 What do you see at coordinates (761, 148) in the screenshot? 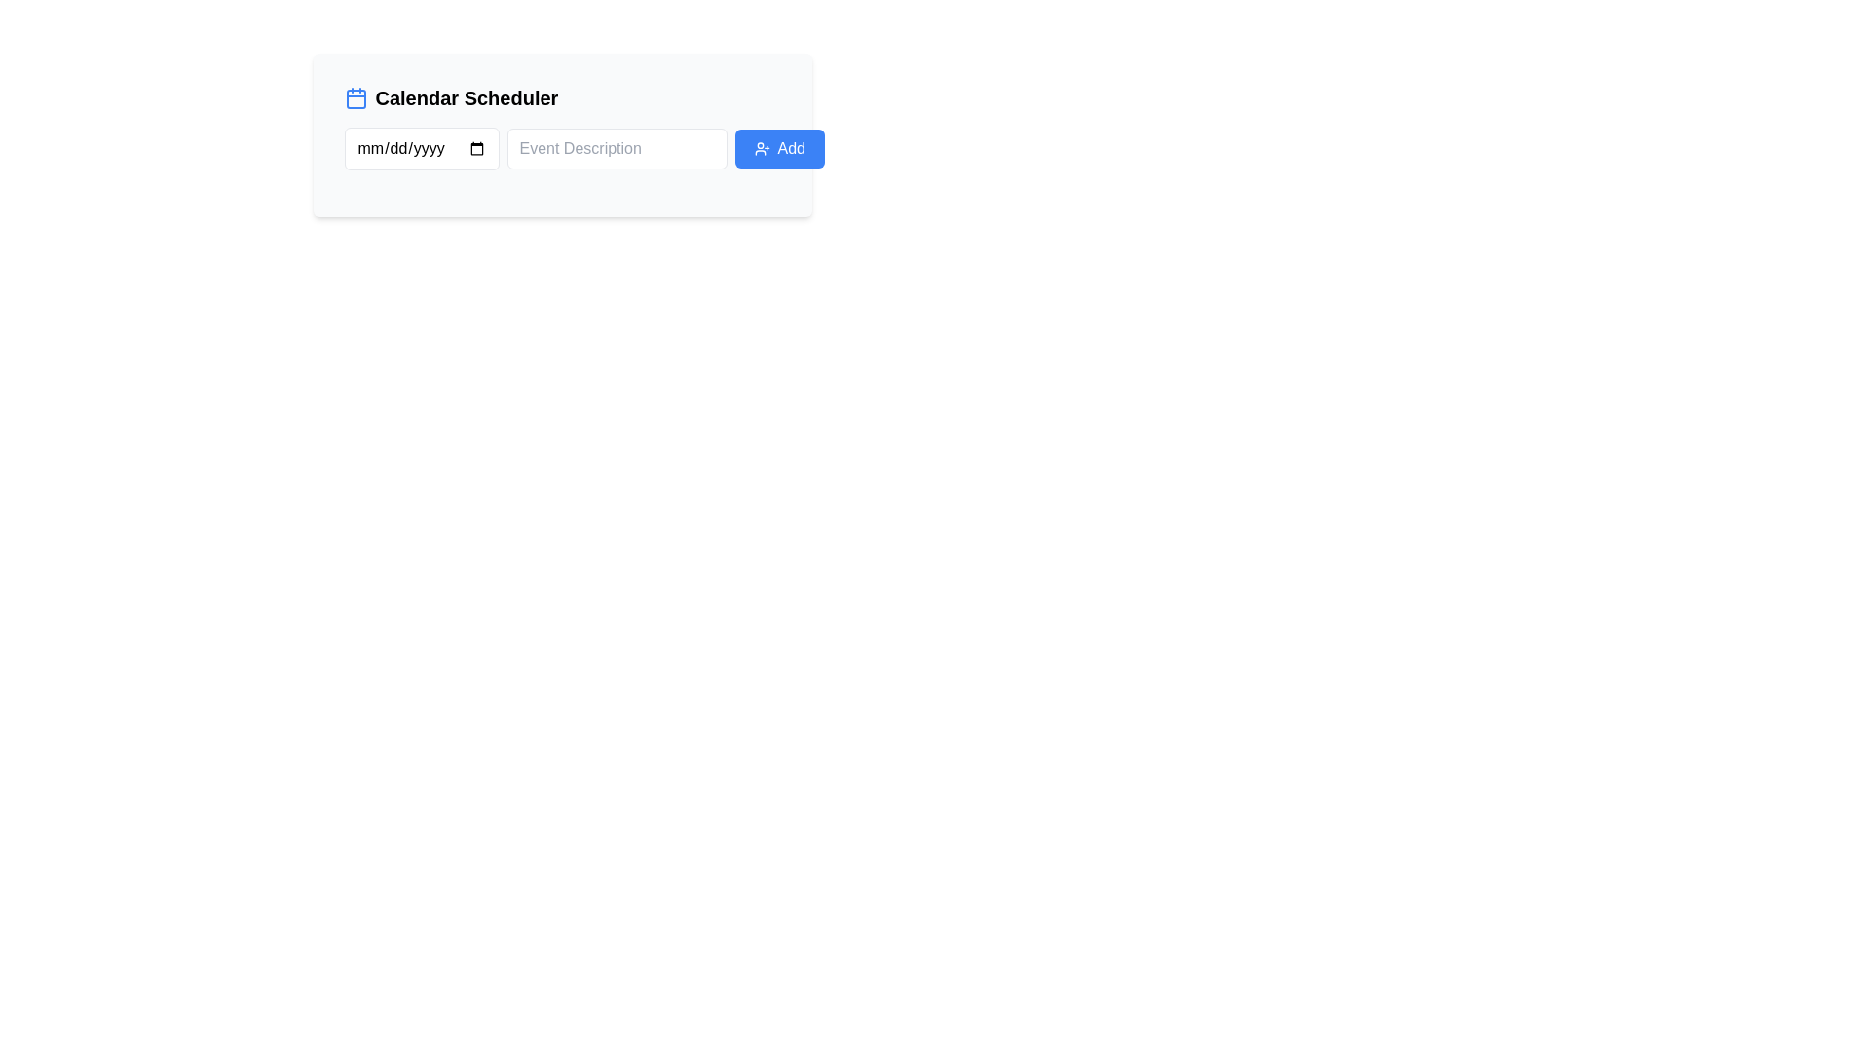
I see `the 'Add' button containing the person icon with a plus symbol, which is styled in white on a blue background` at bounding box center [761, 148].